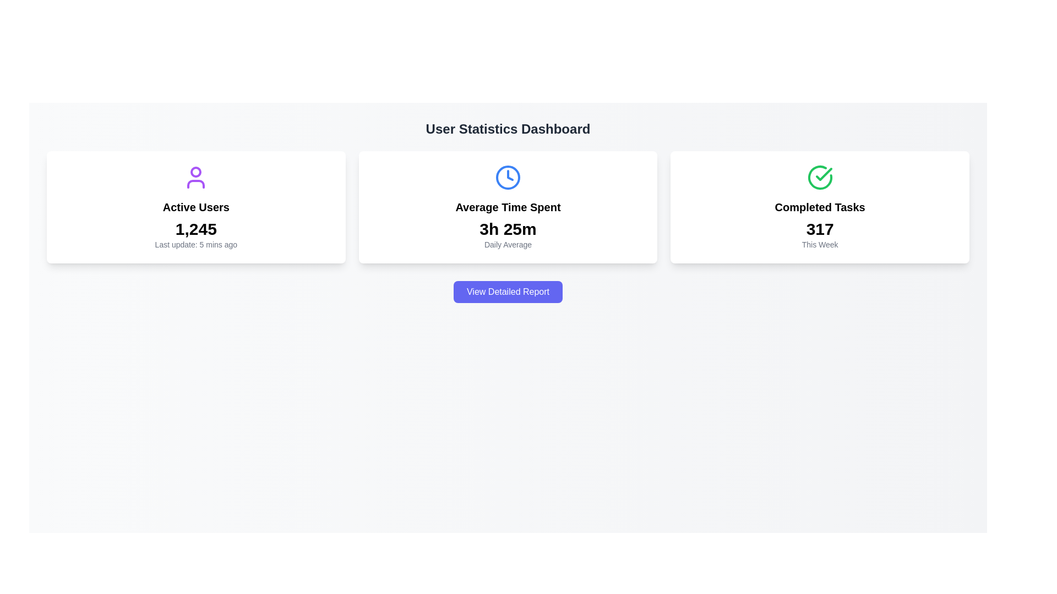 Image resolution: width=1057 pixels, height=594 pixels. I want to click on the text label displaying 'Daily Average' which is styled in a small gray font and is located at the bottom of the center card in a three-card layout, so click(507, 244).